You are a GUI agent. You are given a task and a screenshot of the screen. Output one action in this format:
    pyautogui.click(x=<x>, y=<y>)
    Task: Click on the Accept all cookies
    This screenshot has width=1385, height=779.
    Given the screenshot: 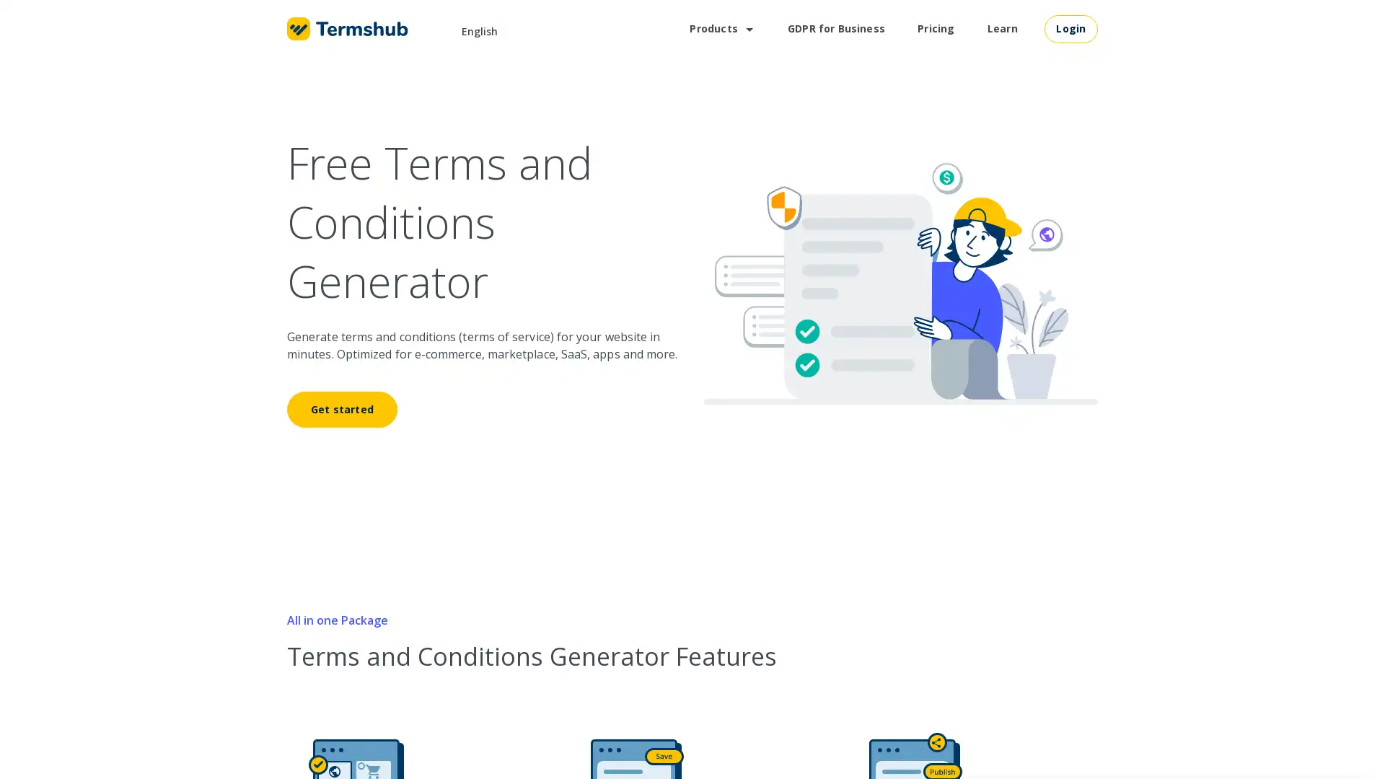 What is the action you would take?
    pyautogui.click(x=1295, y=729)
    